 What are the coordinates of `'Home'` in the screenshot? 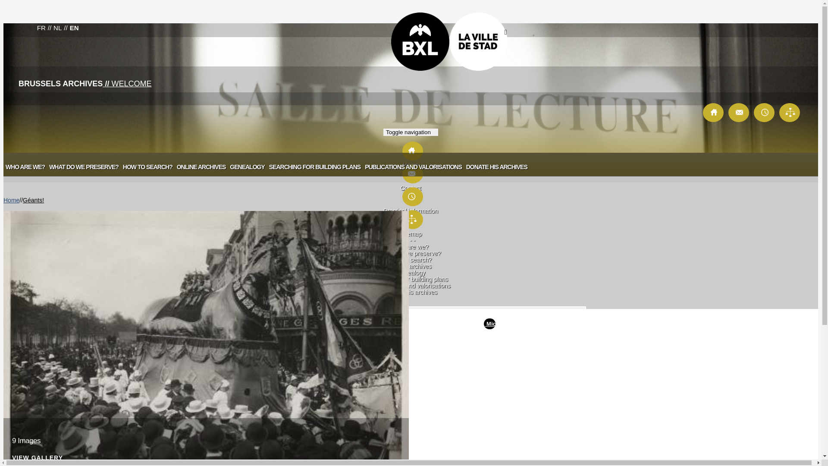 It's located at (11, 200).